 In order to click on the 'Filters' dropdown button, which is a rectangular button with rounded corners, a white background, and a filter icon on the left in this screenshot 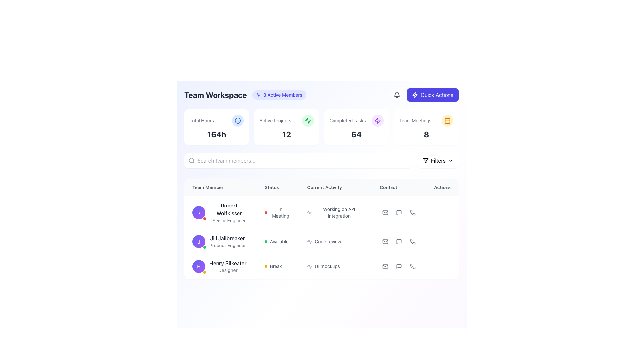, I will do `click(438, 160)`.